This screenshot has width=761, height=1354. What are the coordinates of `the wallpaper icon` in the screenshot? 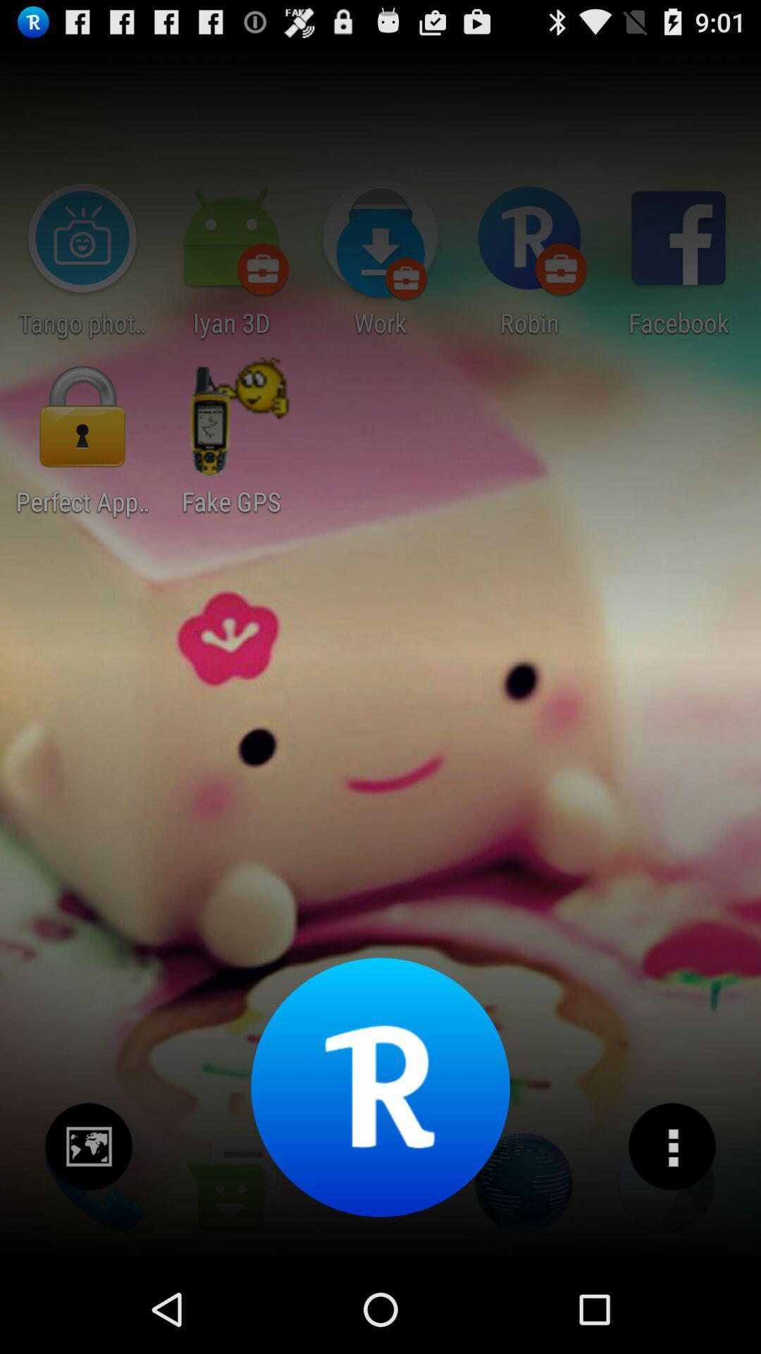 It's located at (89, 1226).